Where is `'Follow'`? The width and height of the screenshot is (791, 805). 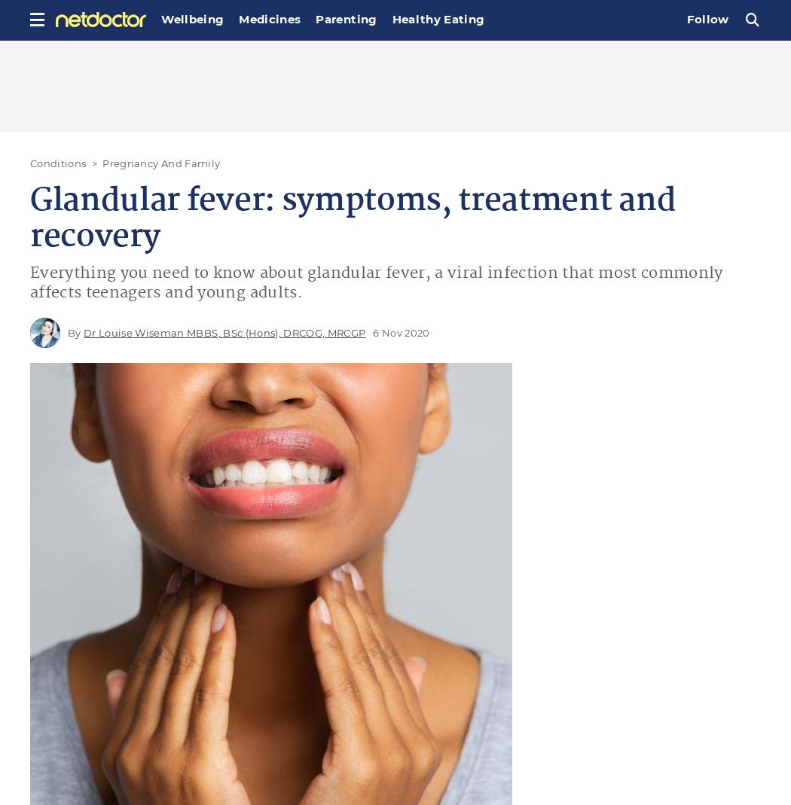
'Follow' is located at coordinates (707, 18).